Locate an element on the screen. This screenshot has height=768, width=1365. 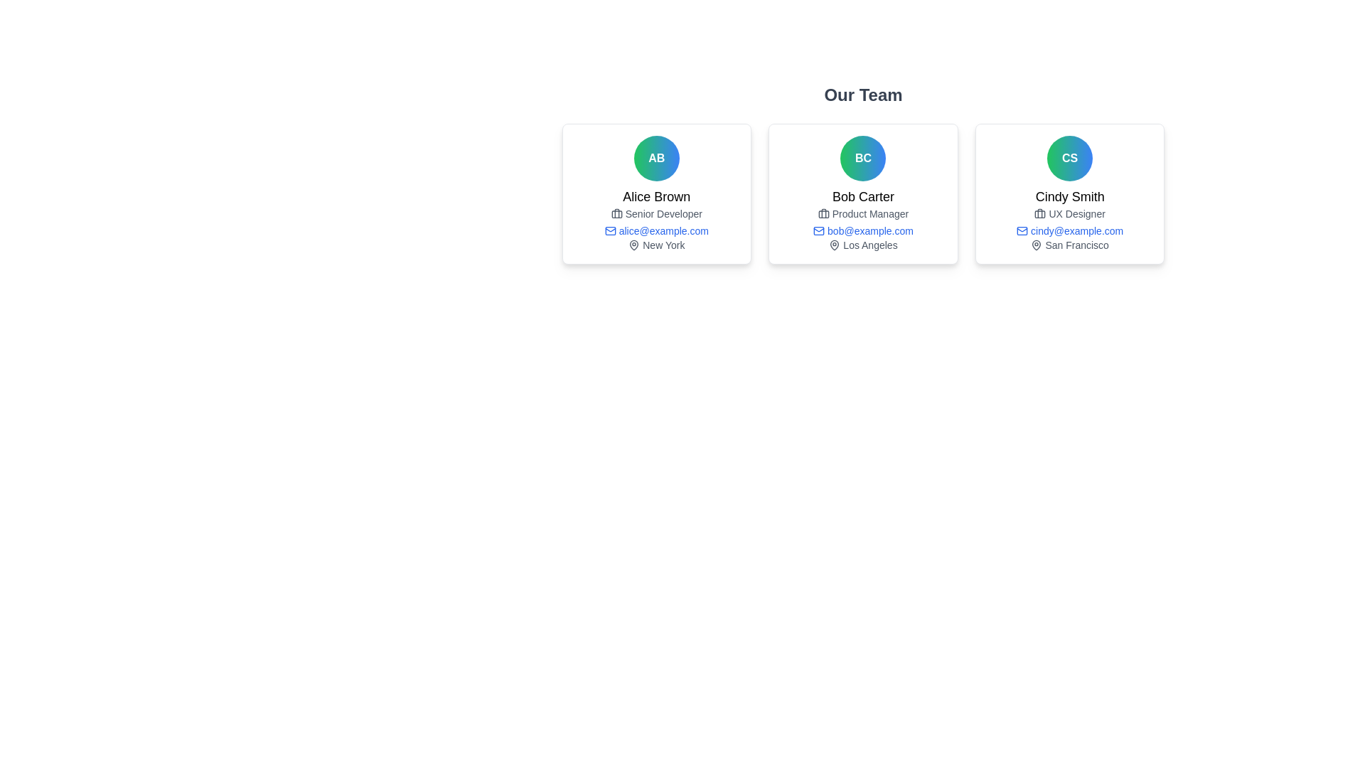
the mail icon, which is a stylized envelope symbol located next to the email text 'cindy@example.com' under the name Cindy Smith in the contact card is located at coordinates (1022, 230).